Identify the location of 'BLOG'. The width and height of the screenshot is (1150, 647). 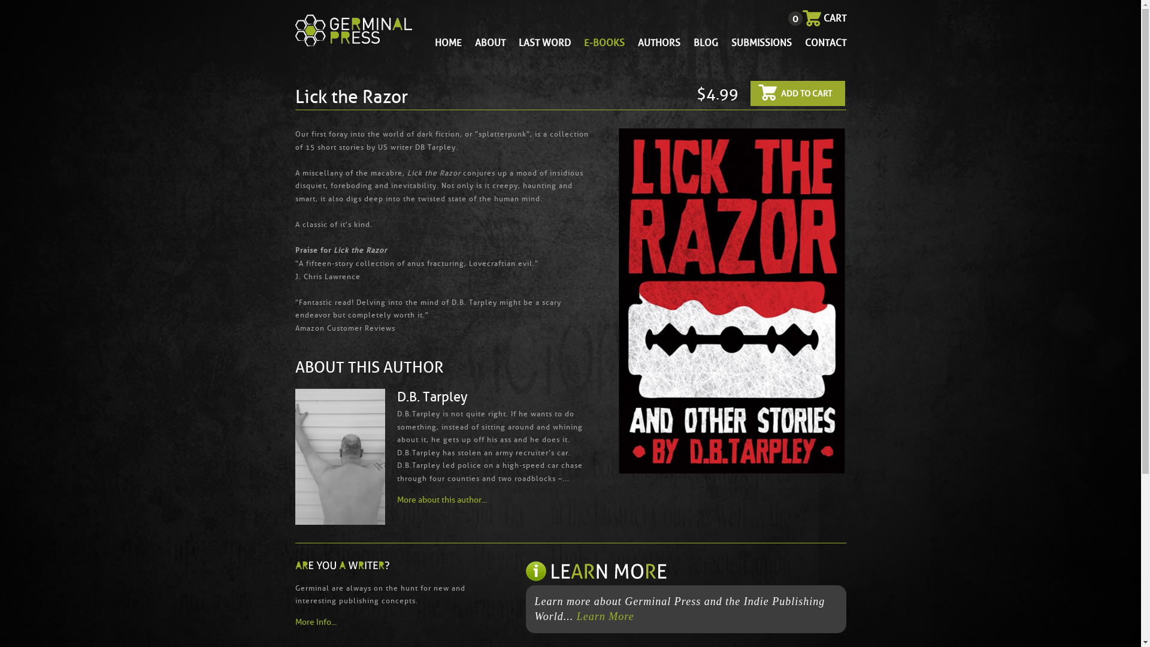
(706, 42).